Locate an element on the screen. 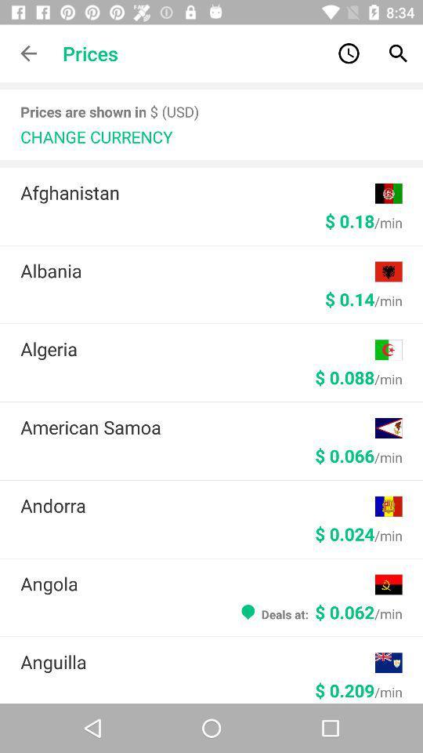 This screenshot has height=753, width=423. the prices are shown item is located at coordinates (109, 111).